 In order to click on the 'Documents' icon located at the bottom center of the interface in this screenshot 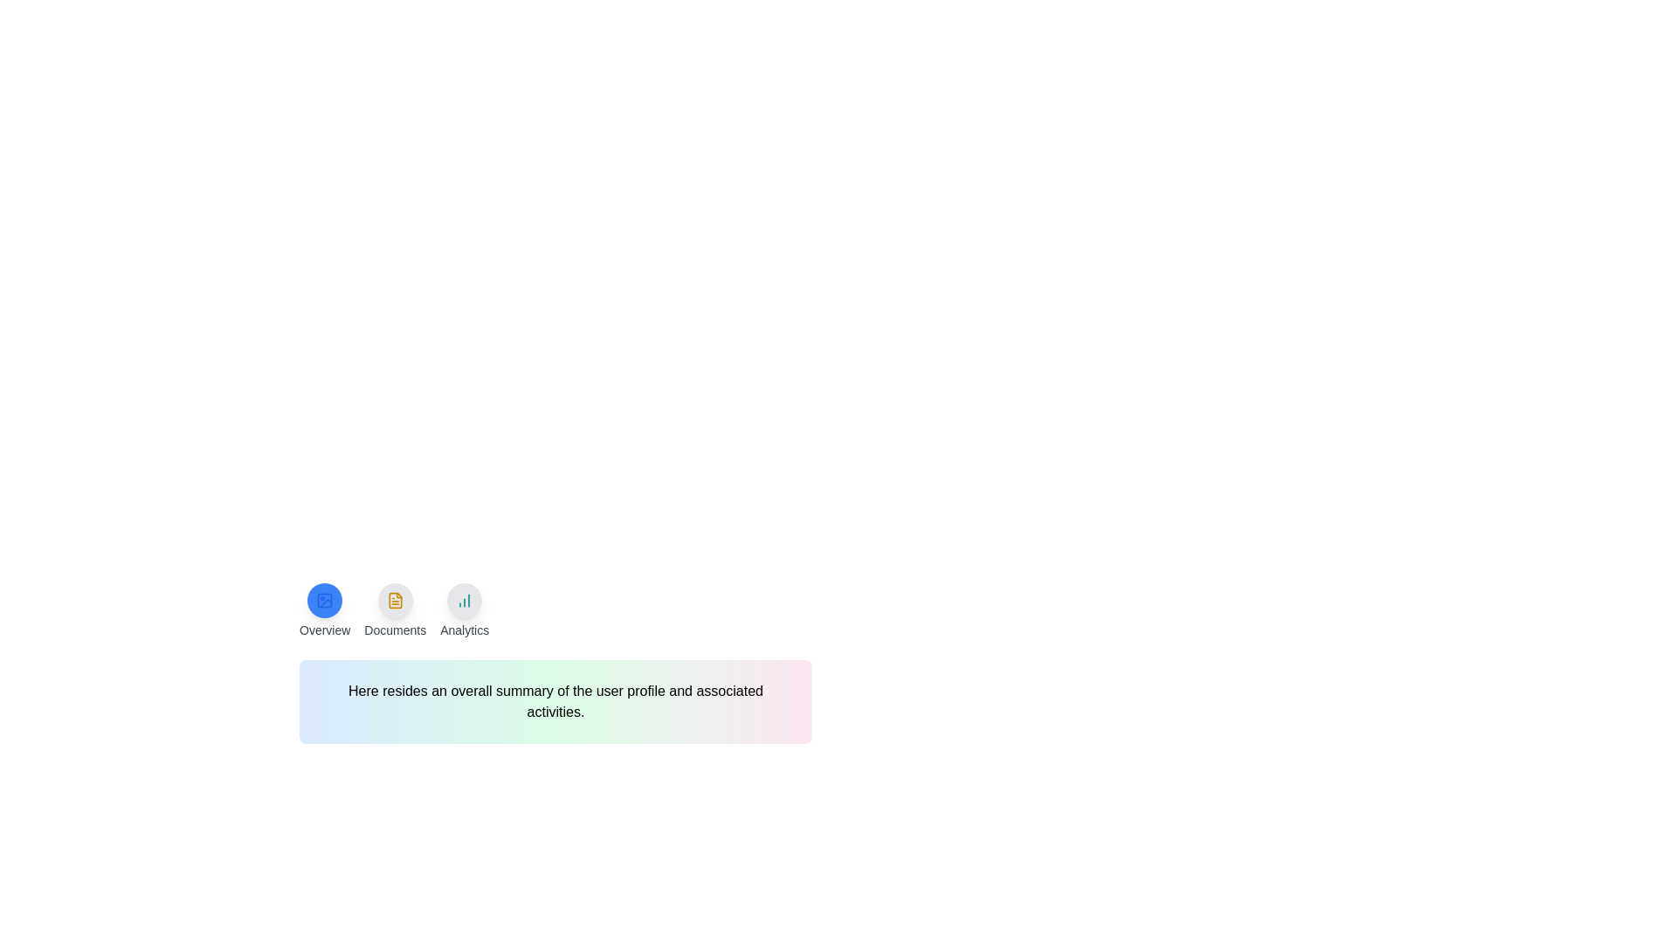, I will do `click(394, 599)`.